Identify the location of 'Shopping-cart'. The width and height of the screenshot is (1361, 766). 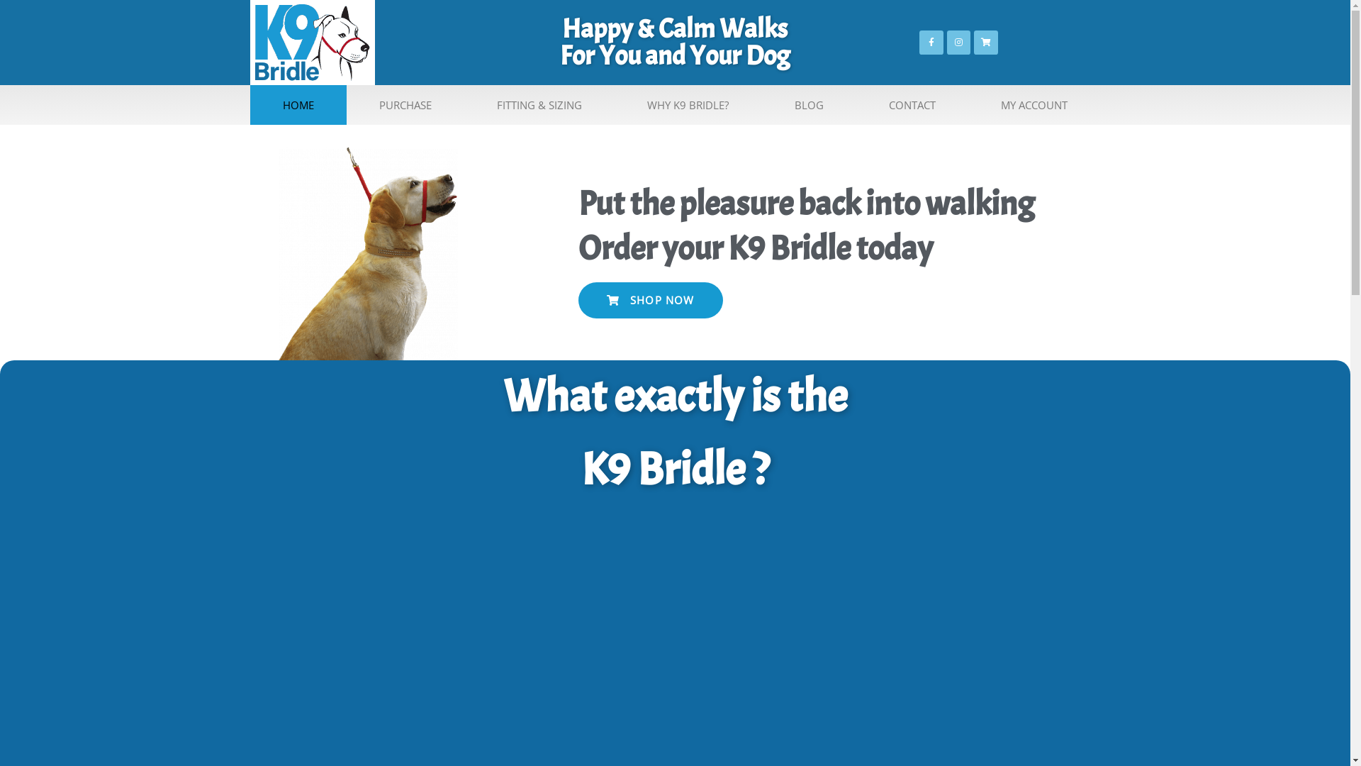
(985, 42).